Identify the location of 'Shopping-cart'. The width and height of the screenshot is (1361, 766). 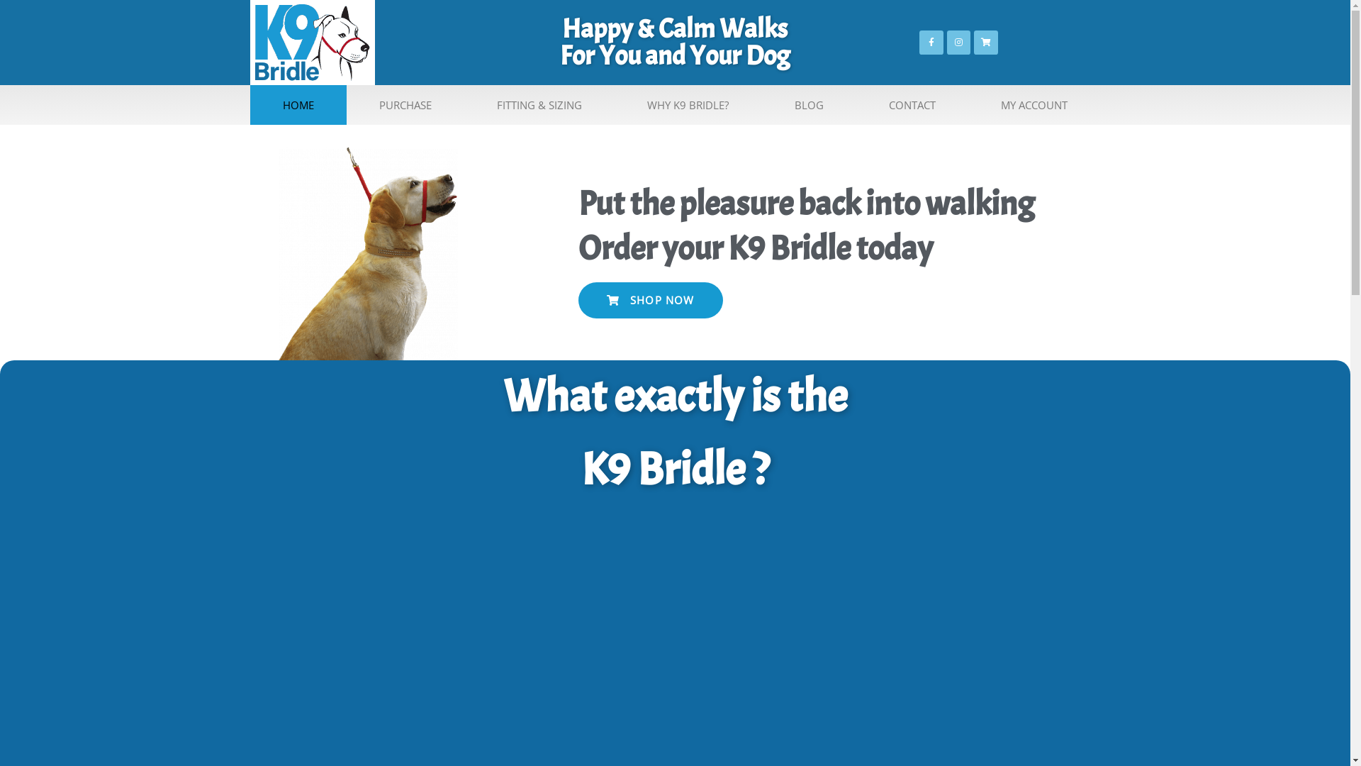
(985, 42).